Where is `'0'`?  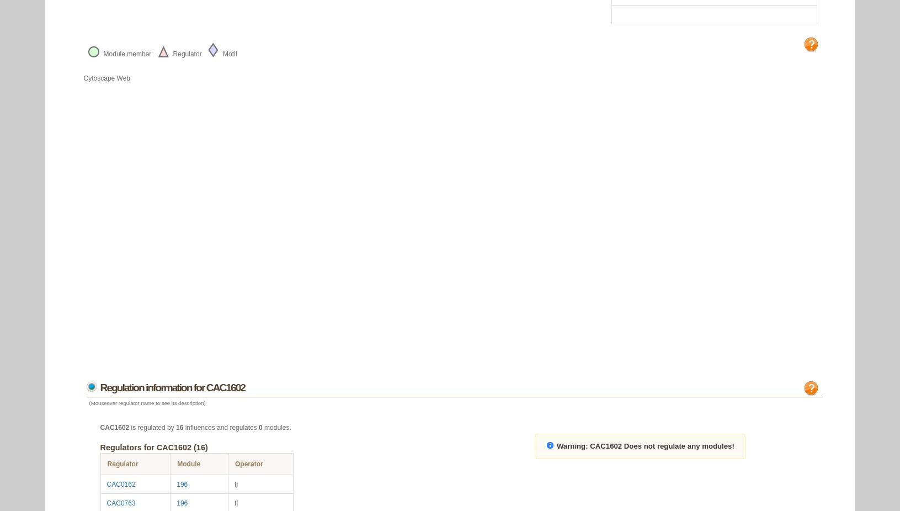
'0' is located at coordinates (260, 427).